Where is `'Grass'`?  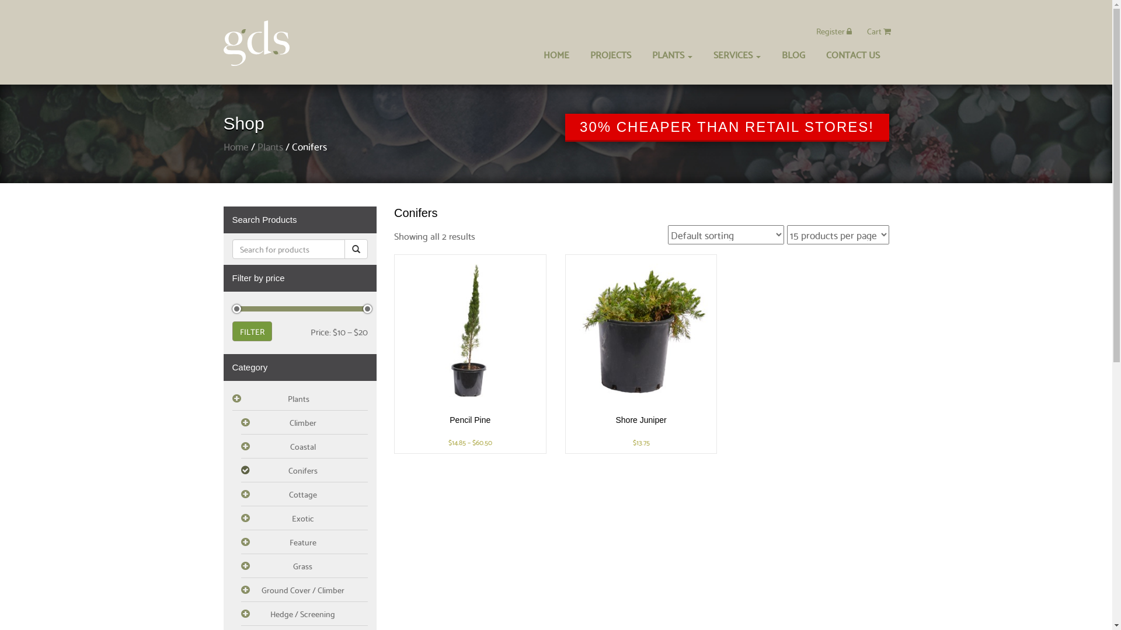
'Grass' is located at coordinates (304, 565).